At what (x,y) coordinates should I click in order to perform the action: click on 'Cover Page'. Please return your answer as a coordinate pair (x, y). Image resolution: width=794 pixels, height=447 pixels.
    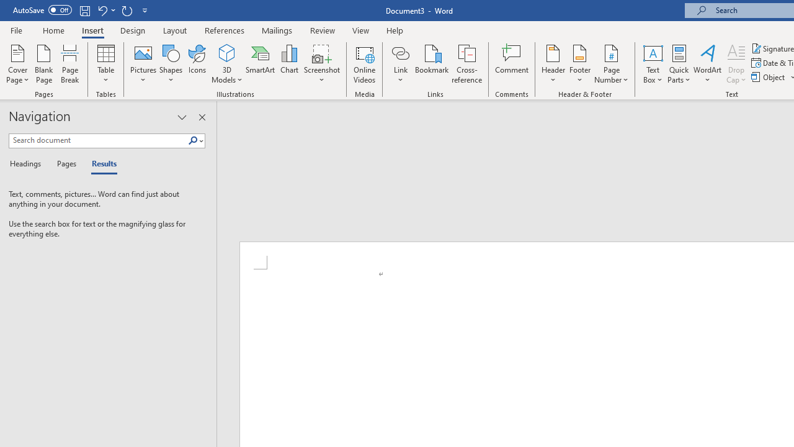
    Looking at the image, I should click on (17, 64).